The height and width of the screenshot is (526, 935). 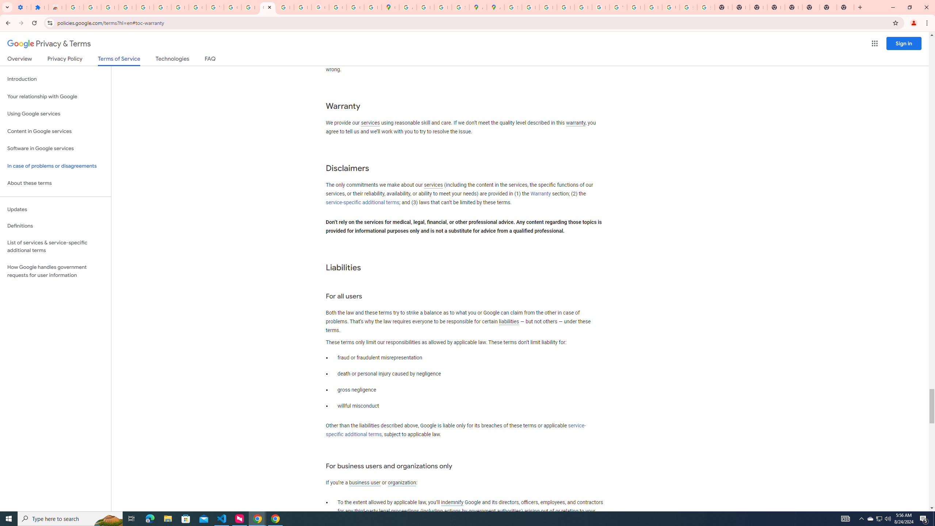 I want to click on 'organization', so click(x=401, y=483).